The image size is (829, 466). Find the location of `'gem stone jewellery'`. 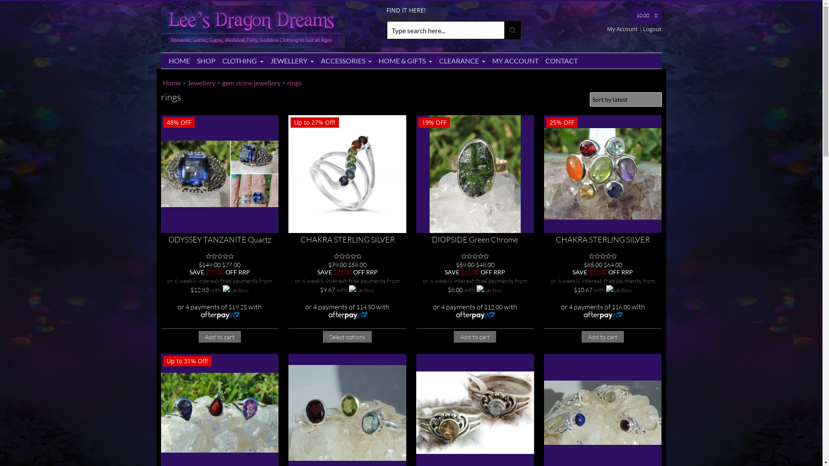

'gem stone jewellery' is located at coordinates (221, 82).